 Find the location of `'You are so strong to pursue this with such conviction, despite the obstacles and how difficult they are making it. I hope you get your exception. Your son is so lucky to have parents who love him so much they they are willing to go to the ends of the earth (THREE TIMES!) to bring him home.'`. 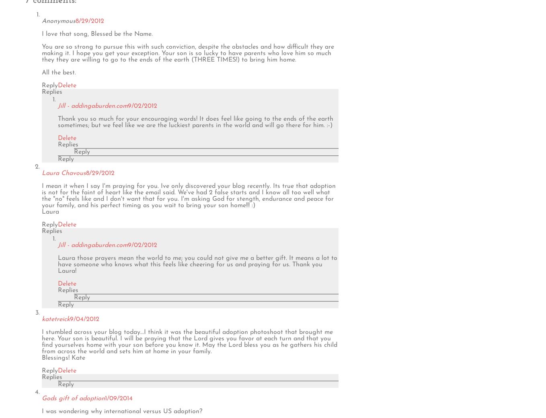

'You are so strong to pursue this with such conviction, despite the obstacles and how difficult they are making it. I hope you get your exception. Your son is so lucky to have parents who love him so much they they are willing to go to the ends of the earth (THREE TIMES!) to bring him home.' is located at coordinates (188, 52).